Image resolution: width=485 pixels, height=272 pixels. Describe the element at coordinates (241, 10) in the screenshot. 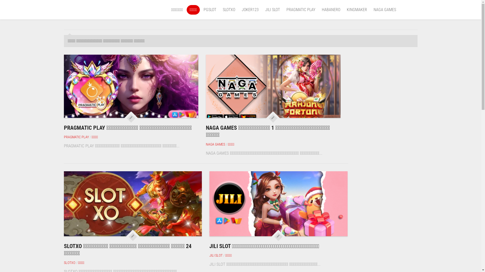

I see `'JOKER123'` at that location.